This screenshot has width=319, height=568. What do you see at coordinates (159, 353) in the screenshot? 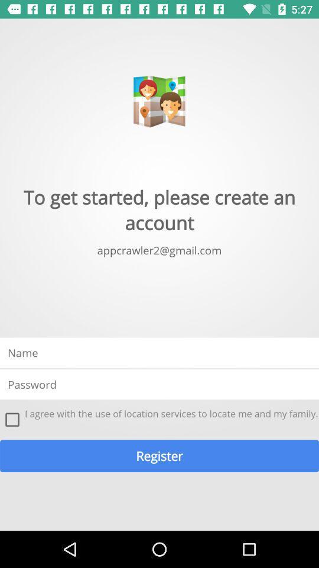
I see `type name` at bounding box center [159, 353].